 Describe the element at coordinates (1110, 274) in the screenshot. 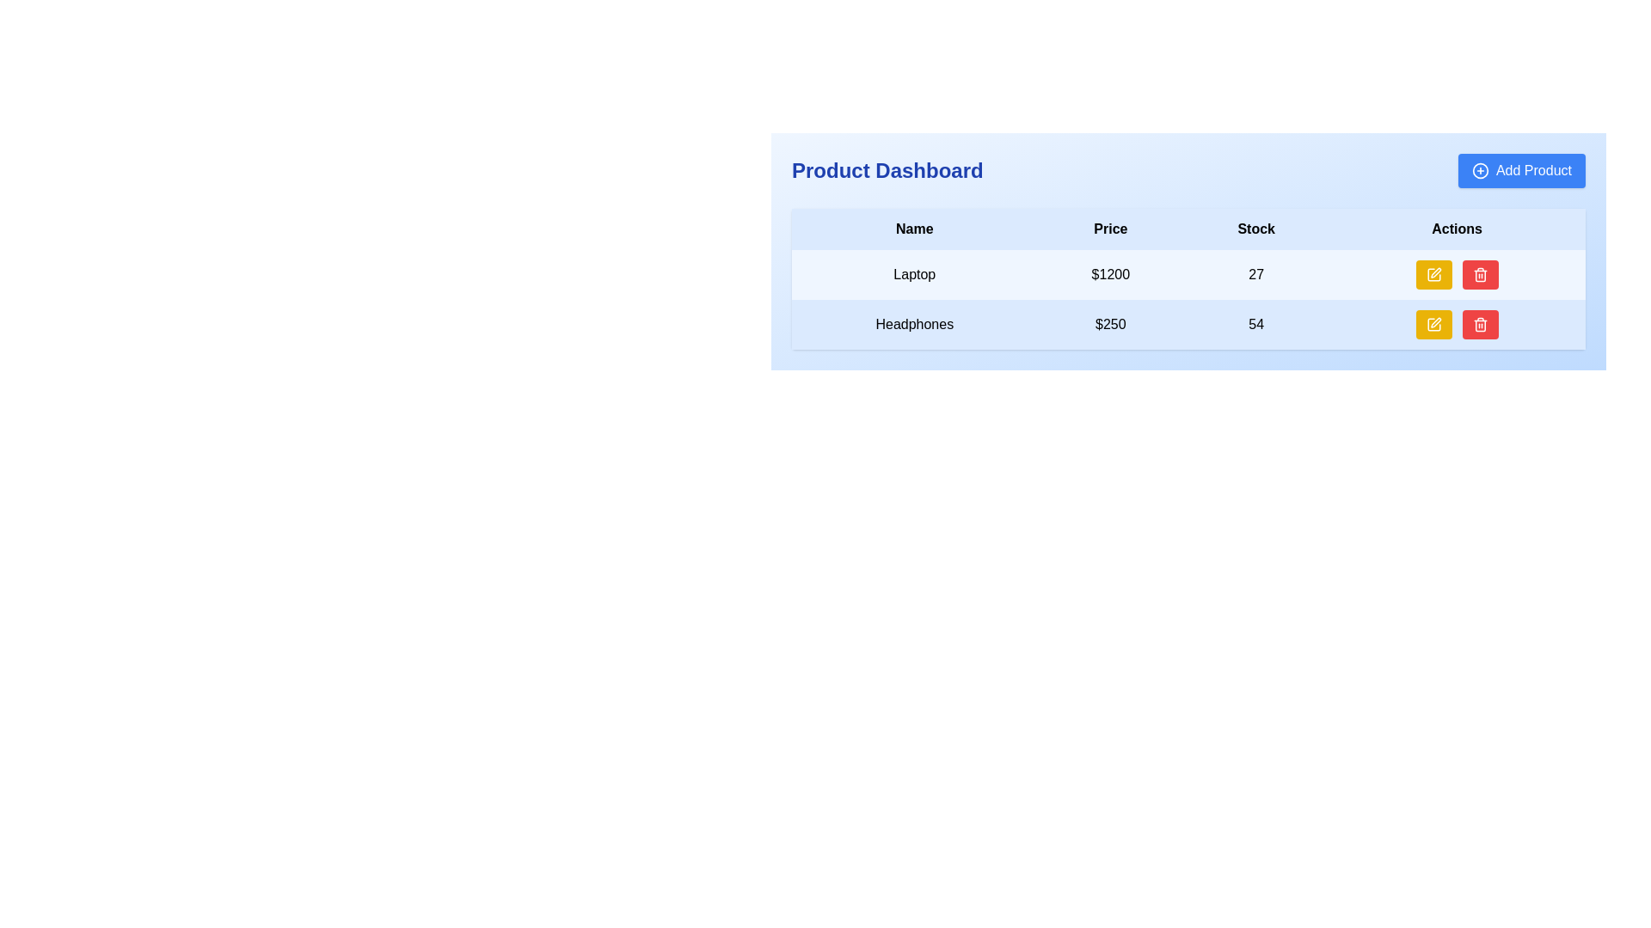

I see `text content displayed in the price column for the product listing, which shows "$1200"` at that location.